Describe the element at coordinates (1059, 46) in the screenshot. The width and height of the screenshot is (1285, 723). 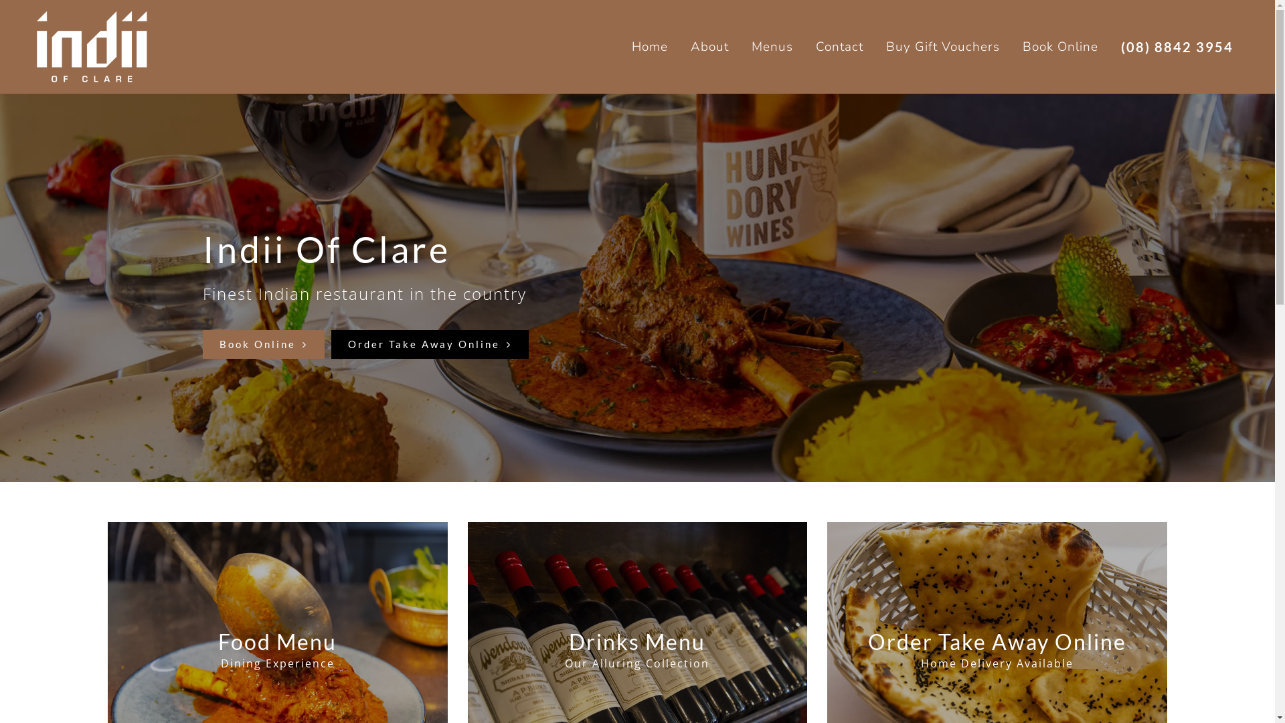
I see `'Book Online'` at that location.